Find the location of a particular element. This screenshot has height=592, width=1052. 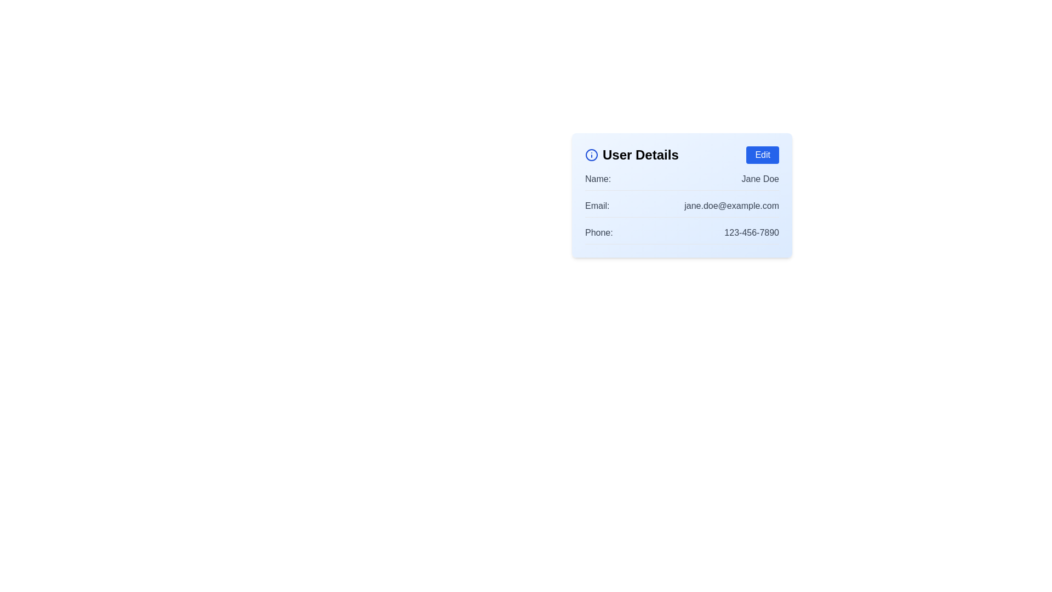

the static text label 'Name:' which is styled in bold gray text, positioned in the top-left corner of the user details card, serving as the label for the user's name is located at coordinates (597, 179).